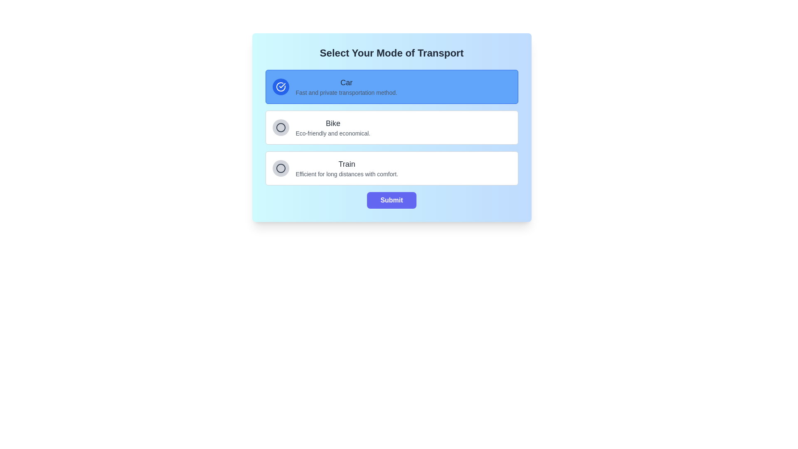 The width and height of the screenshot is (798, 449). What do you see at coordinates (281, 128) in the screenshot?
I see `the circular icon outlined with a clean stroke that represents the 'Bike' option, located as the second icon in the vertical list of transport options` at bounding box center [281, 128].